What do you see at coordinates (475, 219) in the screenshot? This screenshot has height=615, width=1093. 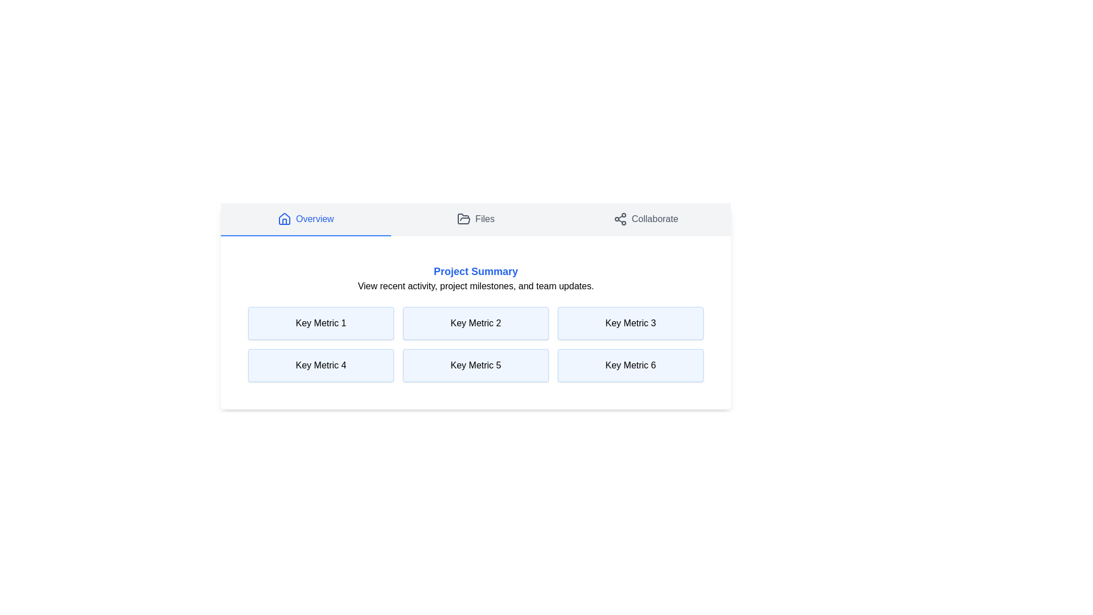 I see `the second button in the navigation tab bar` at bounding box center [475, 219].